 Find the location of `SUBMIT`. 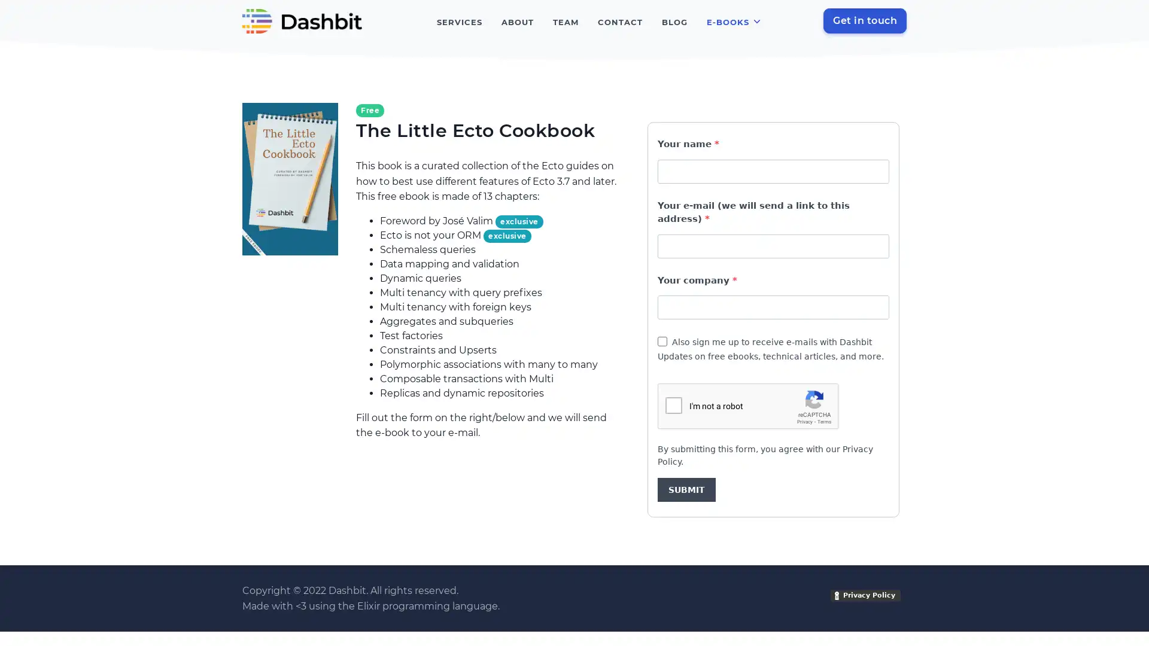

SUBMIT is located at coordinates (686, 489).